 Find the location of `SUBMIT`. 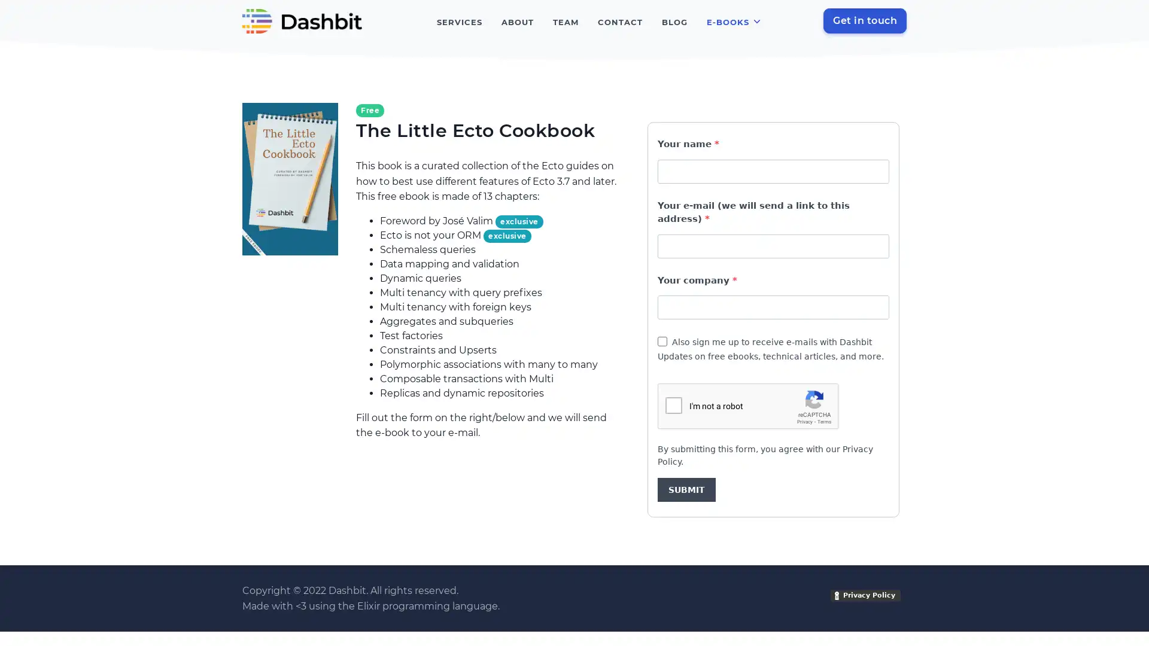

SUBMIT is located at coordinates (686, 489).